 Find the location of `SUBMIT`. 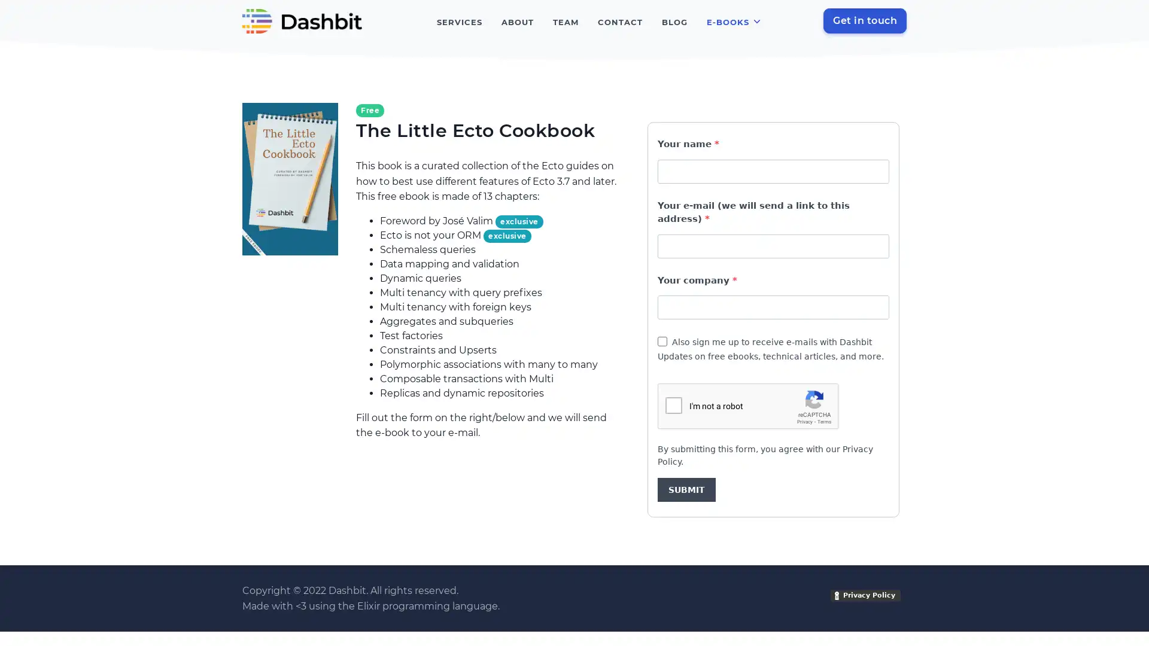

SUBMIT is located at coordinates (686, 489).